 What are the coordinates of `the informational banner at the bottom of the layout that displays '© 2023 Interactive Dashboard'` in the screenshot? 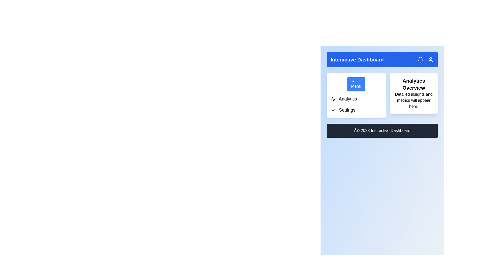 It's located at (382, 130).